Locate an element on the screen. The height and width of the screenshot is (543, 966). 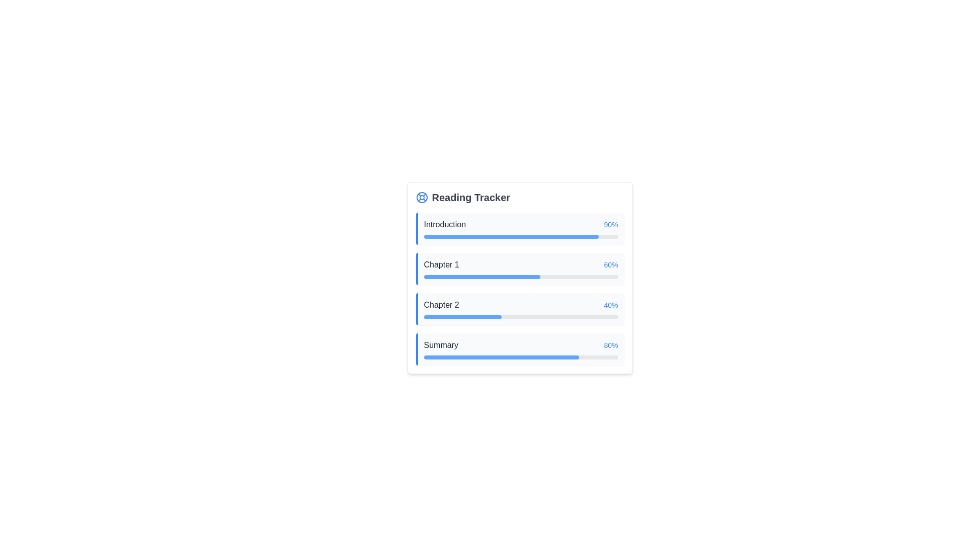
the Progress Summary Row displaying 'Chapter 2' and '40%' to see details, which is the third item in the 'Reading Tracker' panel is located at coordinates (521, 304).